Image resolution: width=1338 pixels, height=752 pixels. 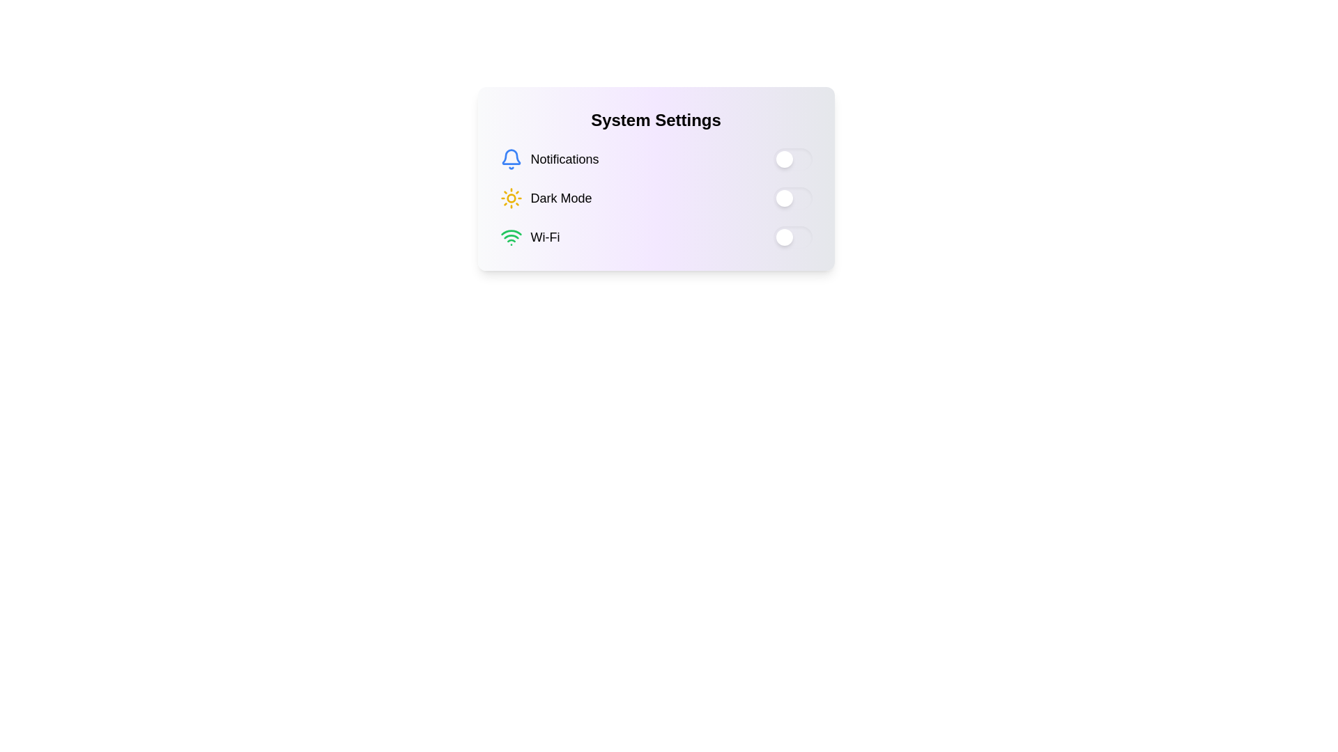 What do you see at coordinates (544, 236) in the screenshot?
I see `text label displaying 'Wi-Fi', which is in bold and larger font size, located to the right of the Wi-Fi icon in the settings panel` at bounding box center [544, 236].